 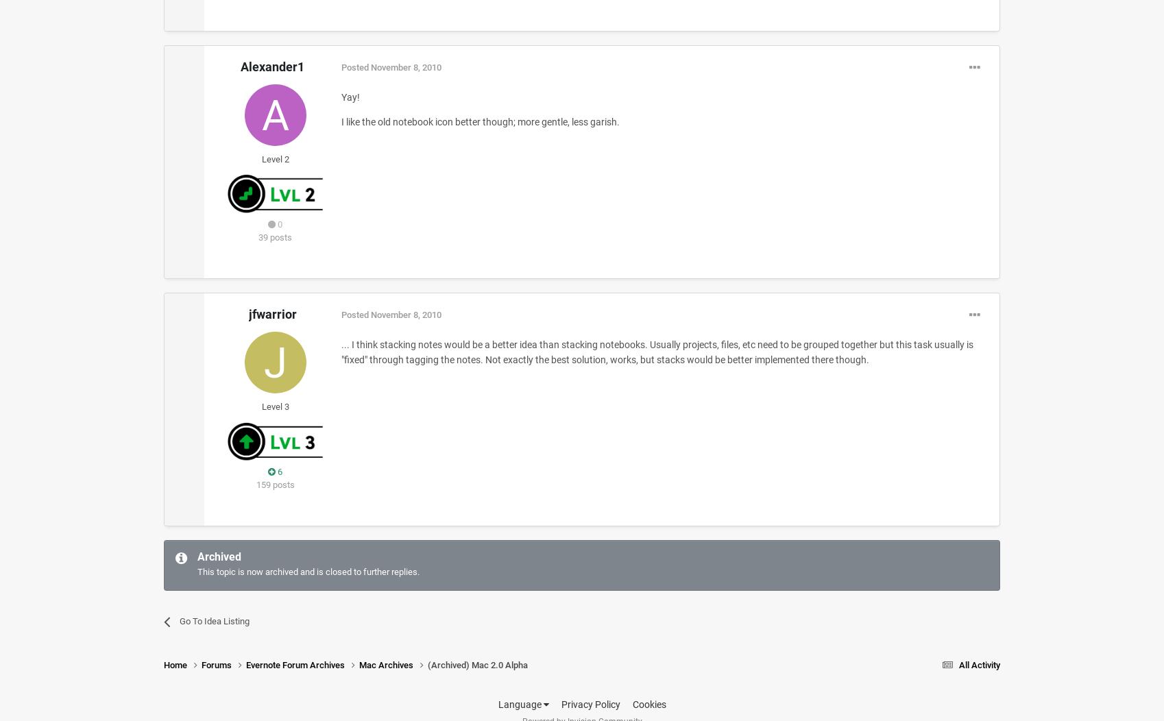 What do you see at coordinates (196, 557) in the screenshot?
I see `'Archived'` at bounding box center [196, 557].